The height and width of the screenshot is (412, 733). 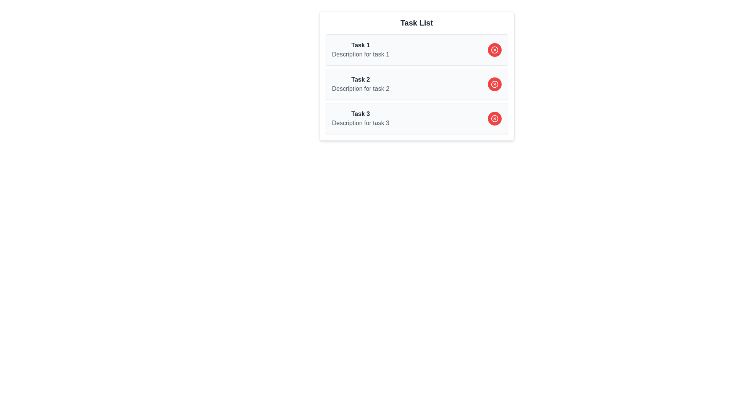 I want to click on the close button located on the right end of the second task's row in the task list interface, so click(x=494, y=84).